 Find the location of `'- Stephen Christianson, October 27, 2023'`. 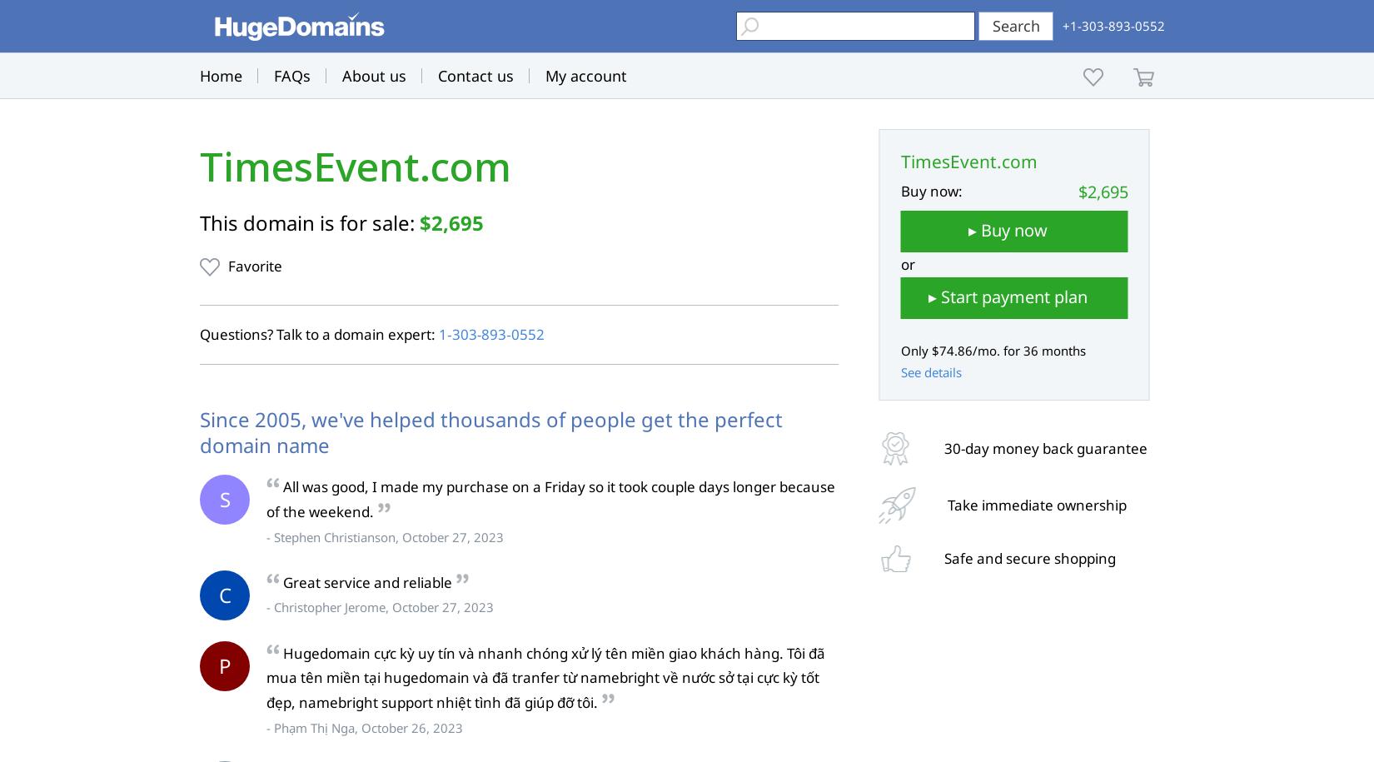

'- Stephen Christianson, October 27, 2023' is located at coordinates (384, 535).